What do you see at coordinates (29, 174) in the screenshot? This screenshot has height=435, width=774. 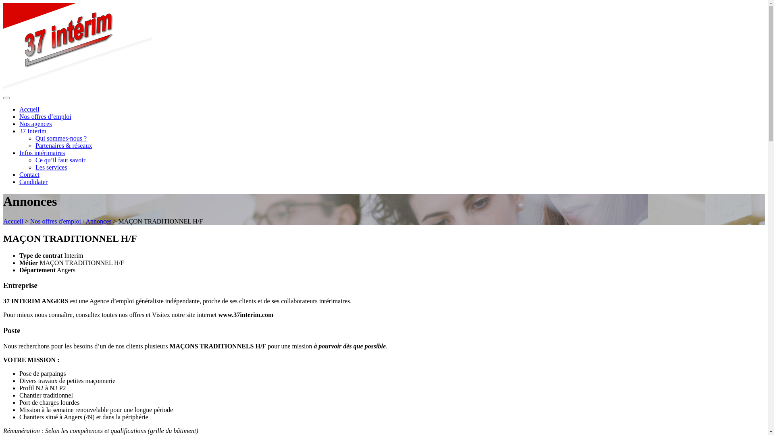 I see `'Contact'` at bounding box center [29, 174].